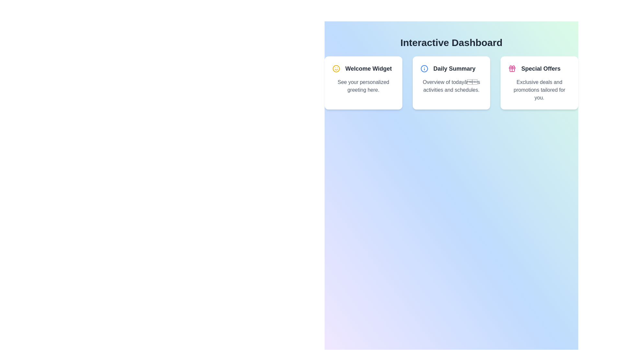 Image resolution: width=622 pixels, height=350 pixels. What do you see at coordinates (541, 69) in the screenshot?
I see `the card that the text label, indicating promotions, belongs to, which is located at the top center of the rightmost card in a horizontal set of three cards` at bounding box center [541, 69].